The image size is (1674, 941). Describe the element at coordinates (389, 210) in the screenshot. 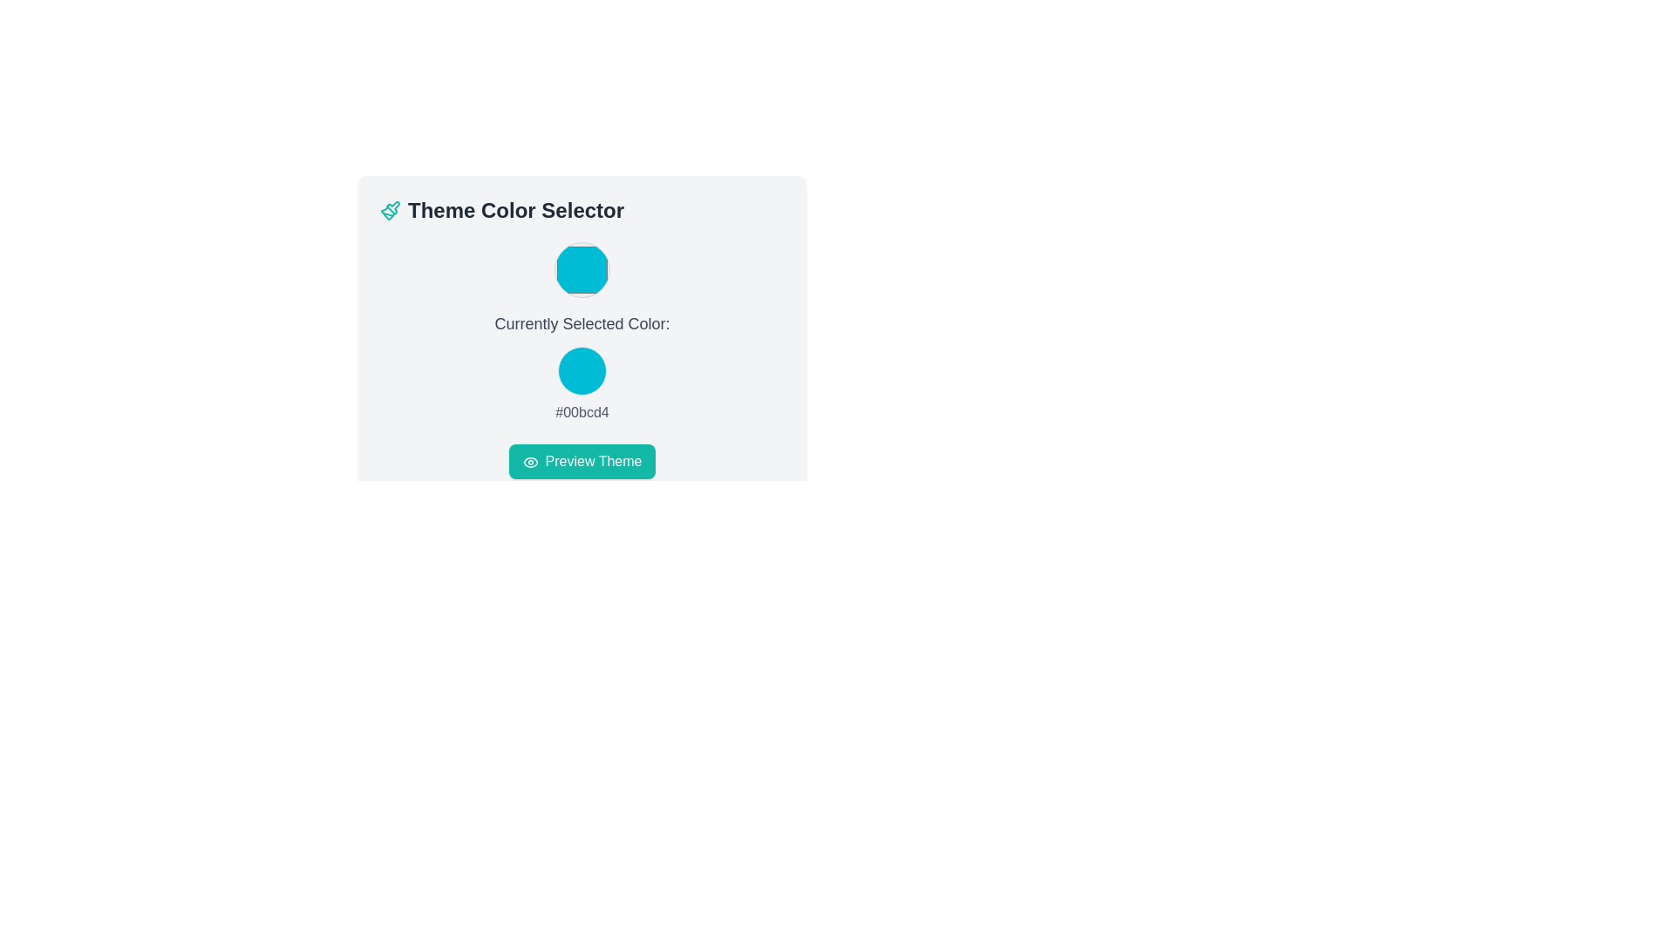

I see `the teal paintbrush icon located to the left of the 'Theme Color Selector' text` at that location.